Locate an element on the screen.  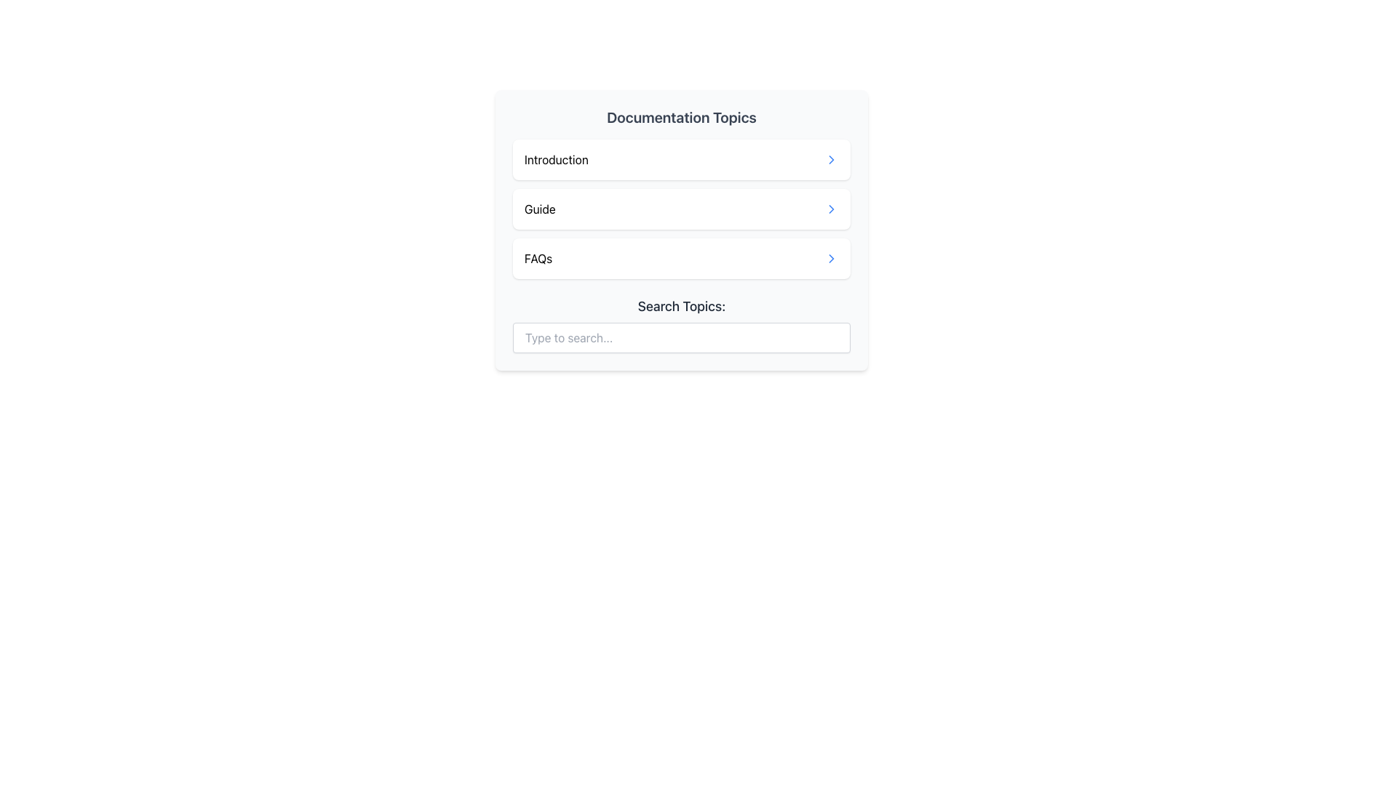
the blue rightward chevron SVG icon located immediately to the right of the 'Guide' text label in the documentation topics list is located at coordinates (831, 209).